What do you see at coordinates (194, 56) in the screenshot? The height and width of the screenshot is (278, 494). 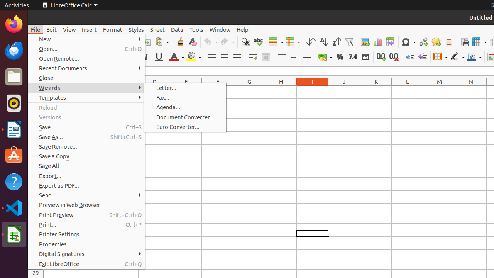 I see `'Background Color'` at bounding box center [194, 56].